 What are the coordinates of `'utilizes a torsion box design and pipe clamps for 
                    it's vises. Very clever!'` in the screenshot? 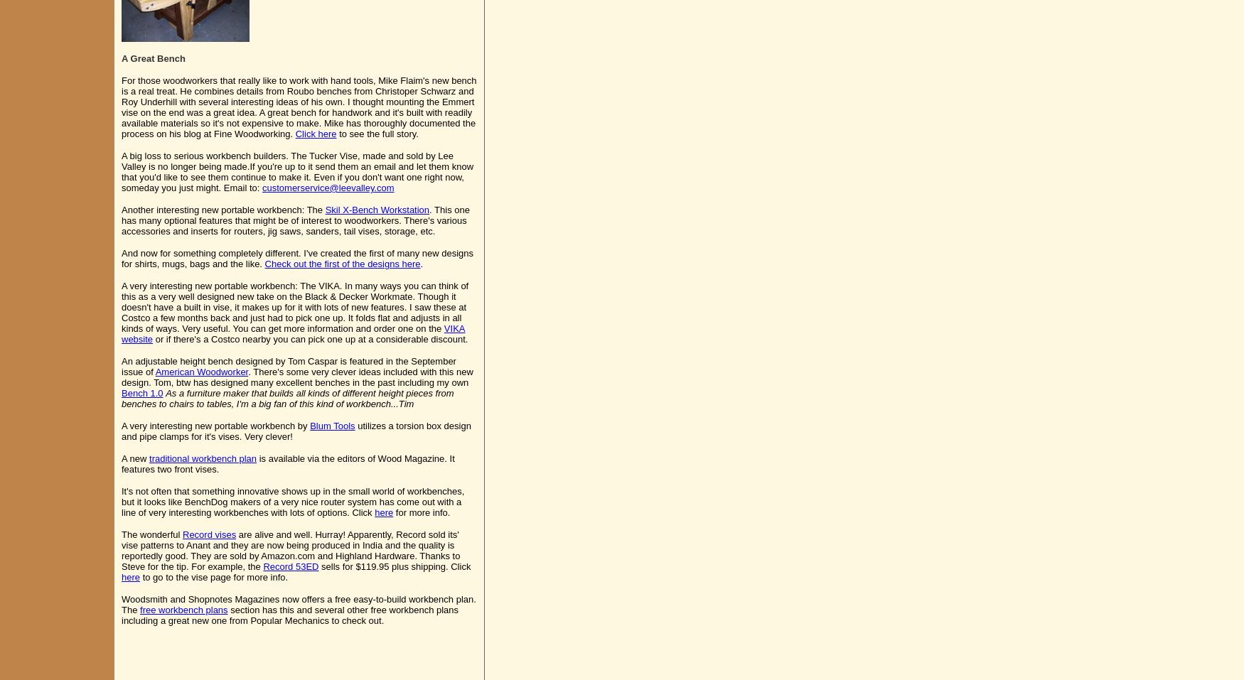 It's located at (295, 431).